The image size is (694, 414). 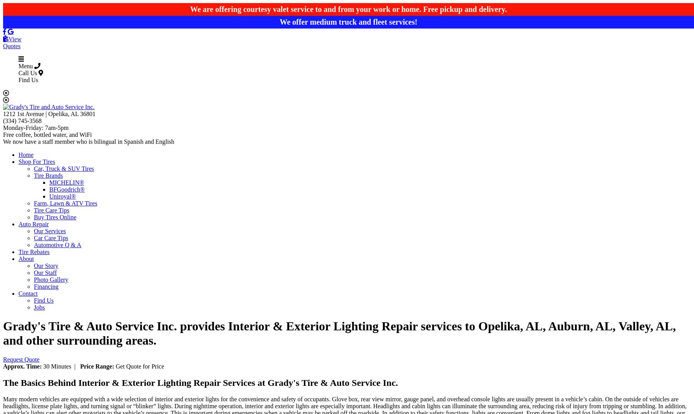 I want to click on '1212 1st Avenue | Opelika, AL 36801', so click(x=49, y=114).